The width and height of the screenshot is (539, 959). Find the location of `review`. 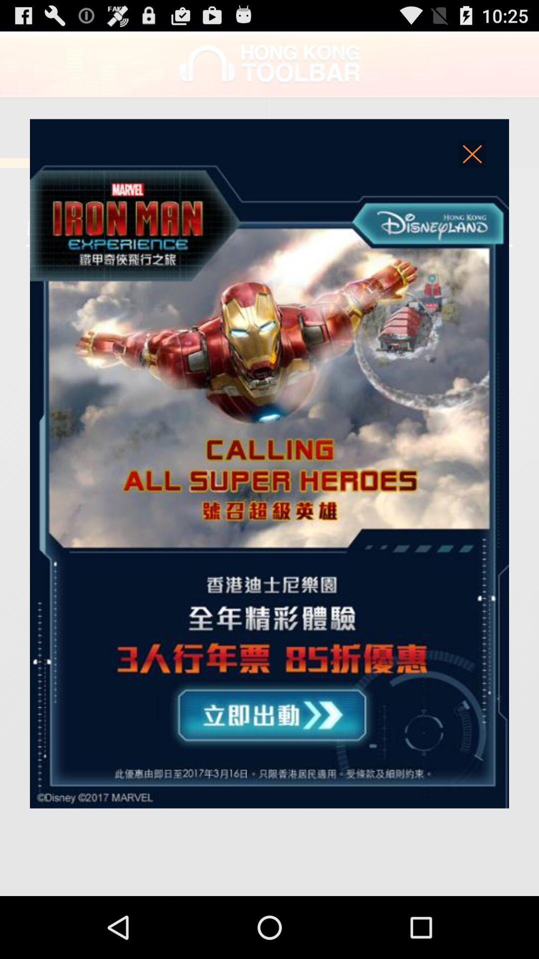

review is located at coordinates (269, 463).